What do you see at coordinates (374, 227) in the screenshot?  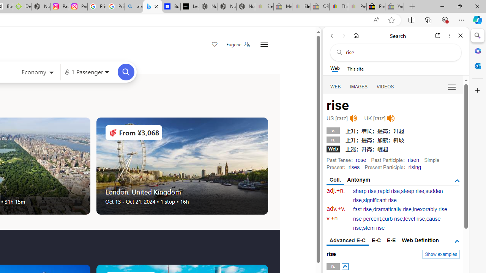 I see `'stem rise'` at bounding box center [374, 227].